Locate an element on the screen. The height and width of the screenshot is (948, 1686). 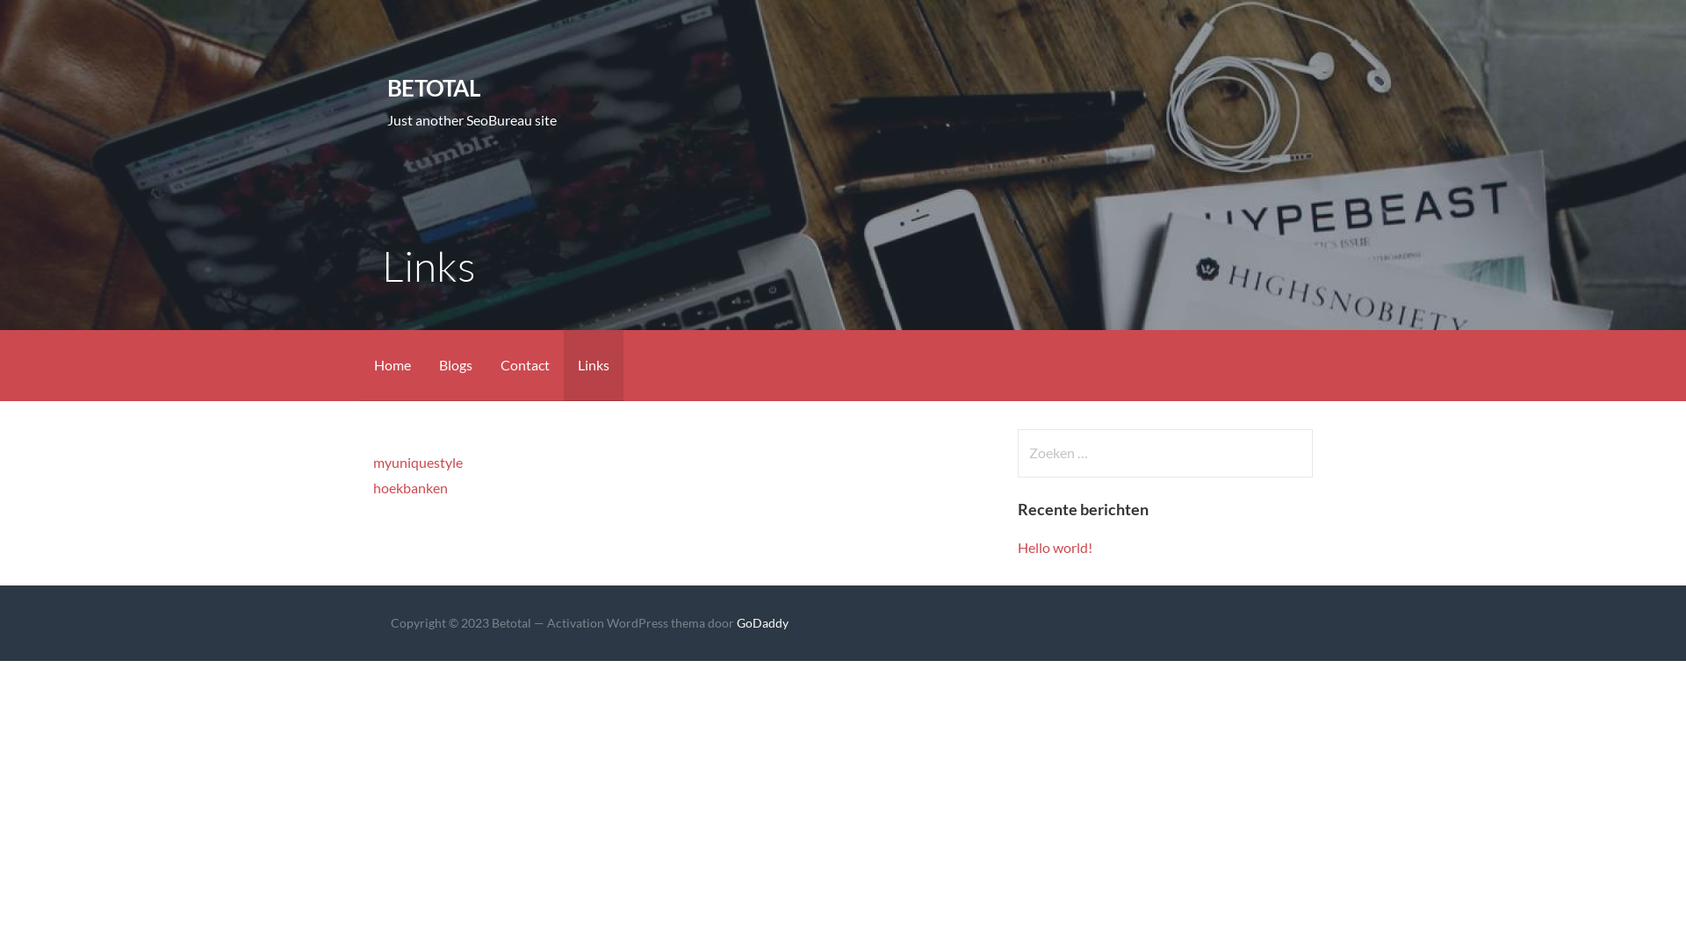
'Blogs' is located at coordinates (455, 364).